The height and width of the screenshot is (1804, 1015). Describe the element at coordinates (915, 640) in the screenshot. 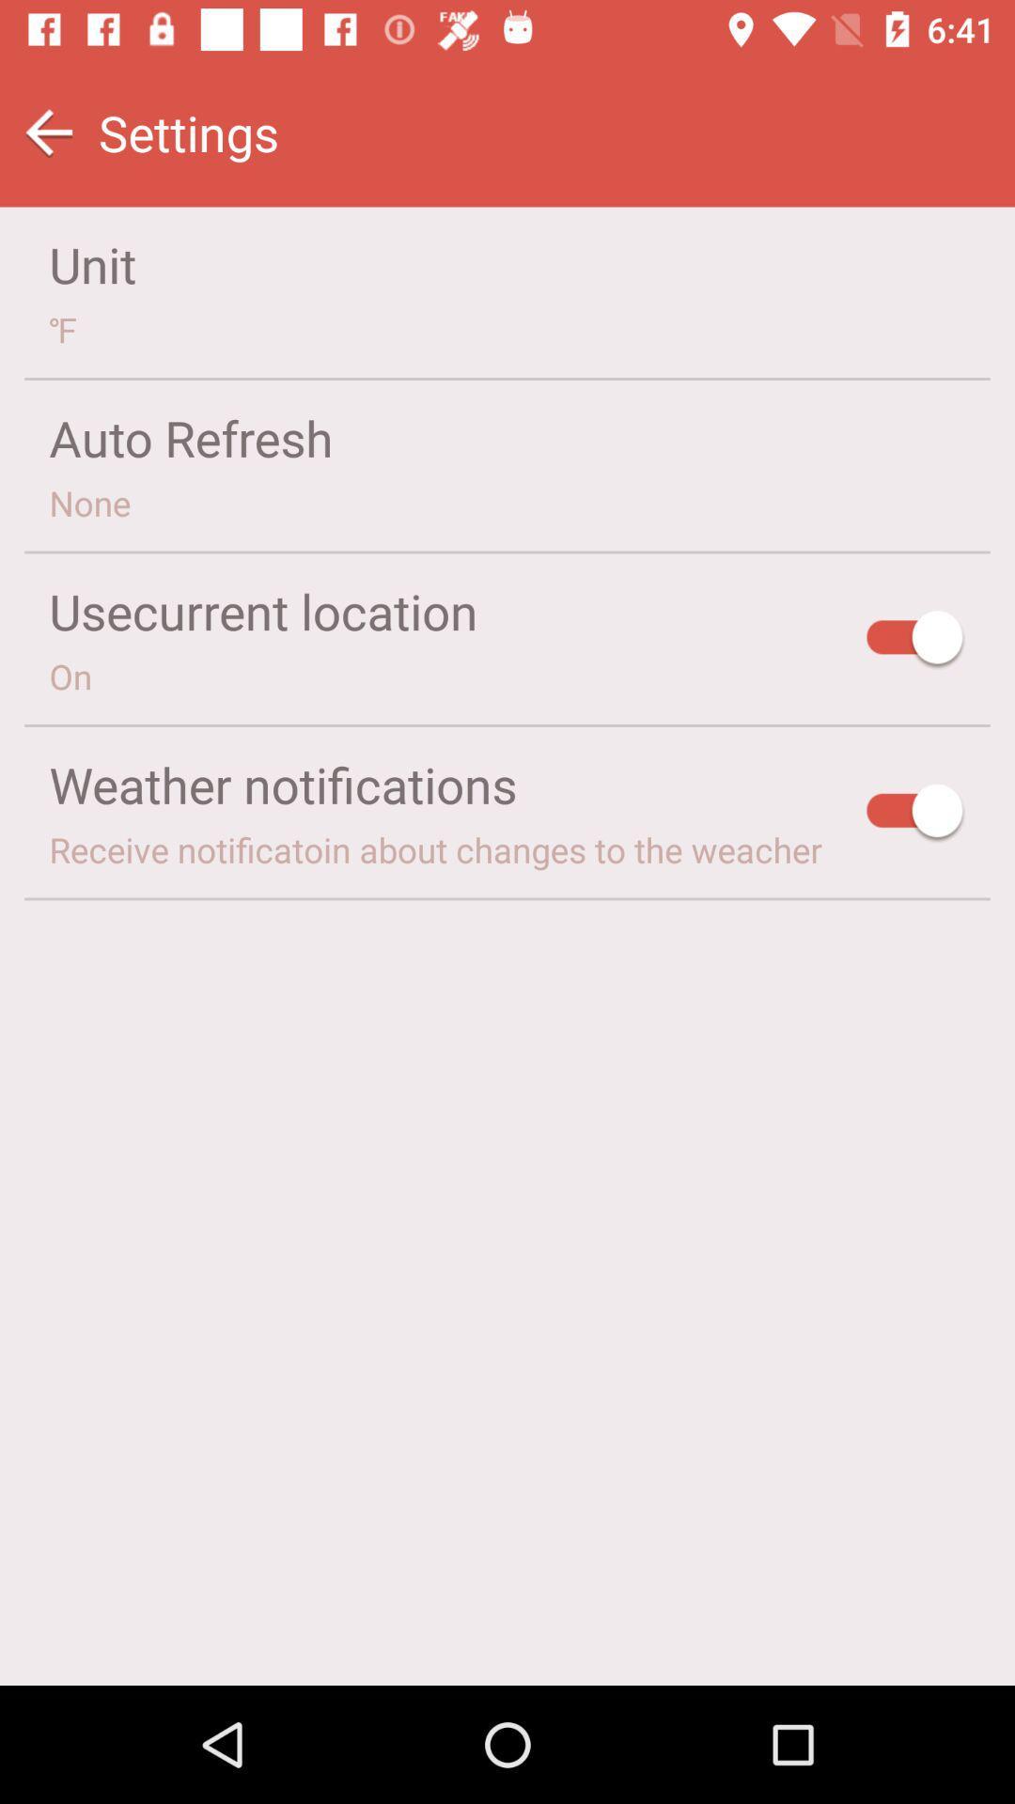

I see `item to the right of the usecurrent location` at that location.